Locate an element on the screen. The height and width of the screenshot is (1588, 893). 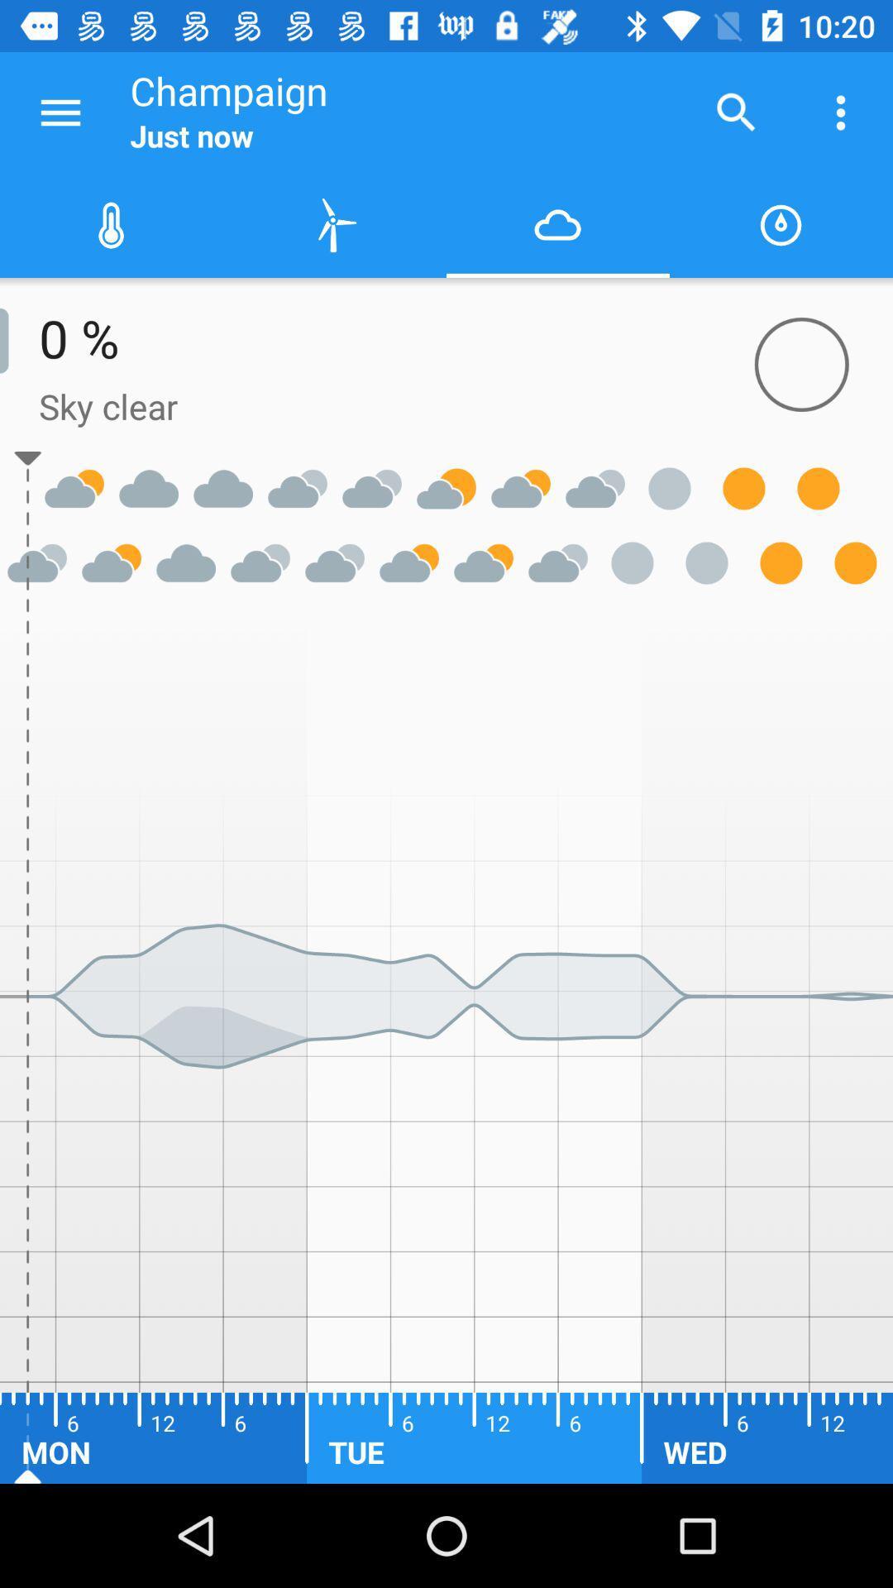
the icon next to champaign item is located at coordinates (60, 112).